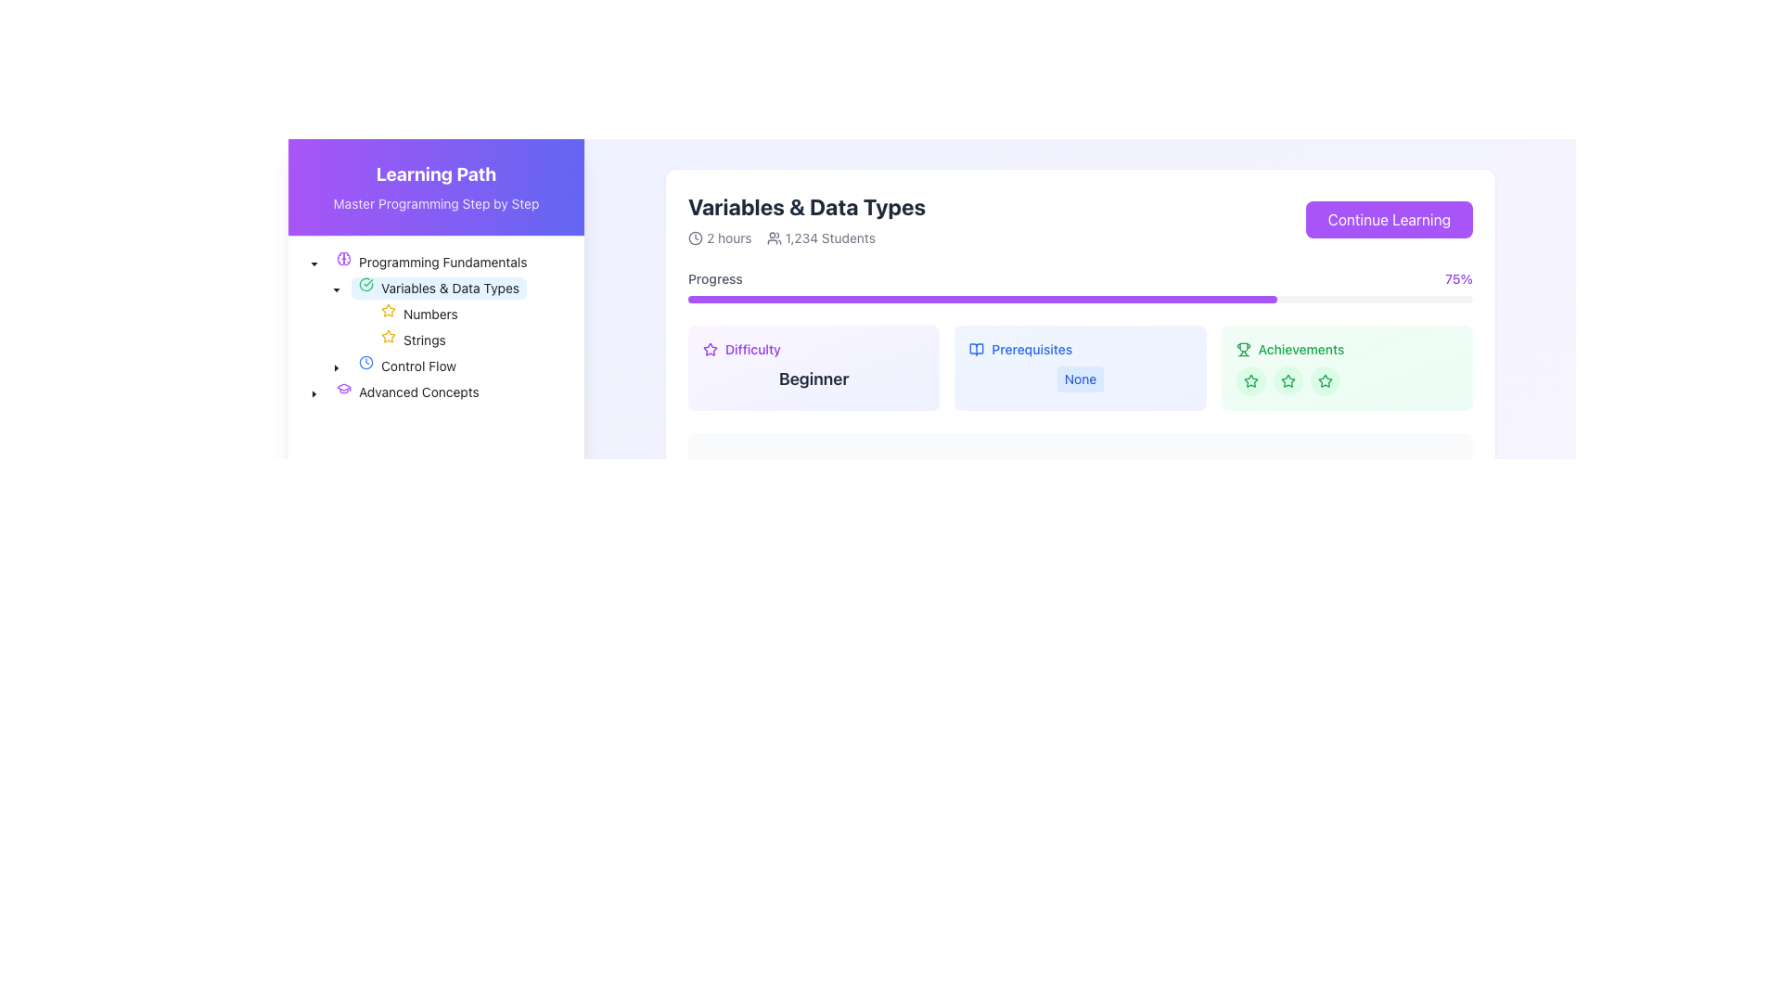  I want to click on the brain icon, which is a purple circular icon located next to the 'Programming Fundamentals' title in the left-hand navigation list, so click(343, 258).